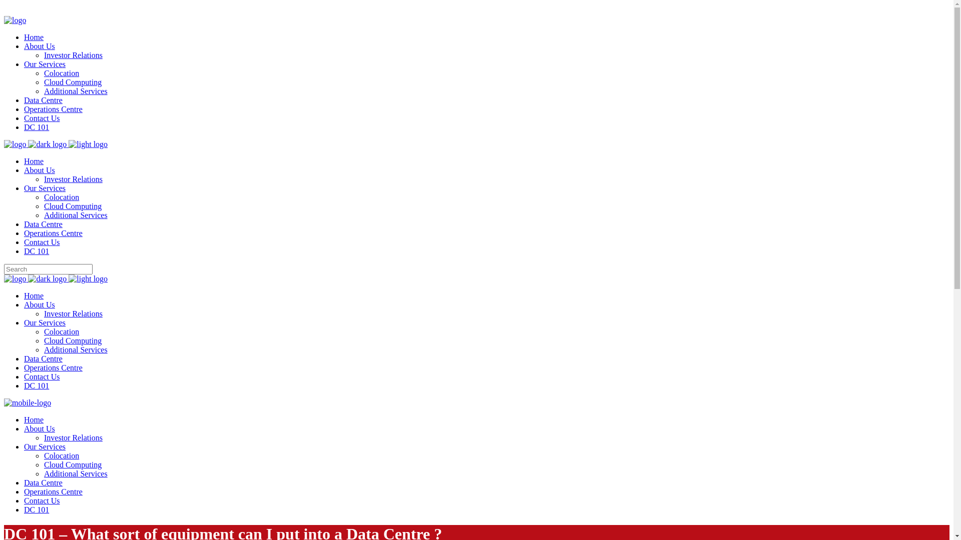 The width and height of the screenshot is (961, 540). I want to click on 'Home', so click(34, 36).